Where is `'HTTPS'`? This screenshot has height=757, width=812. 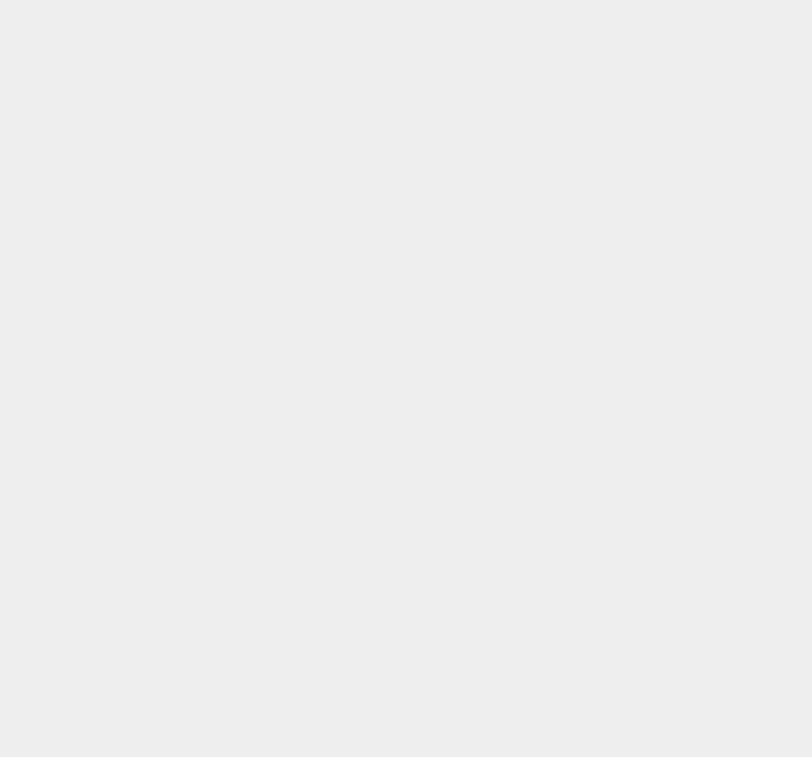 'HTTPS' is located at coordinates (573, 64).